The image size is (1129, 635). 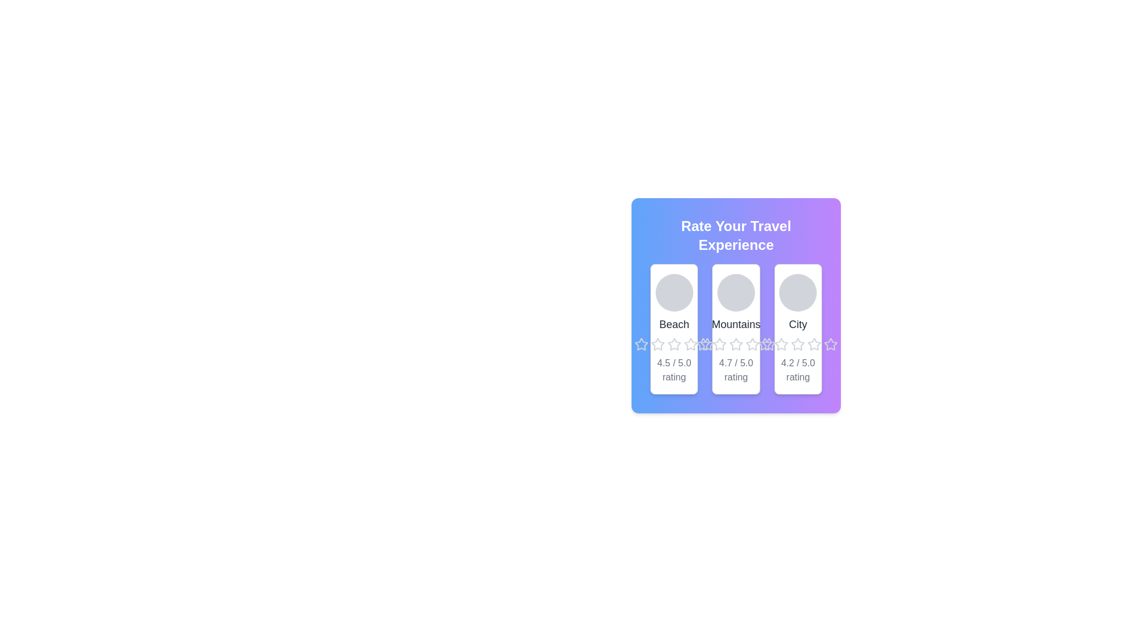 I want to click on across the second star in the five-star rating system below the 'Mountains' card, so click(x=703, y=344).